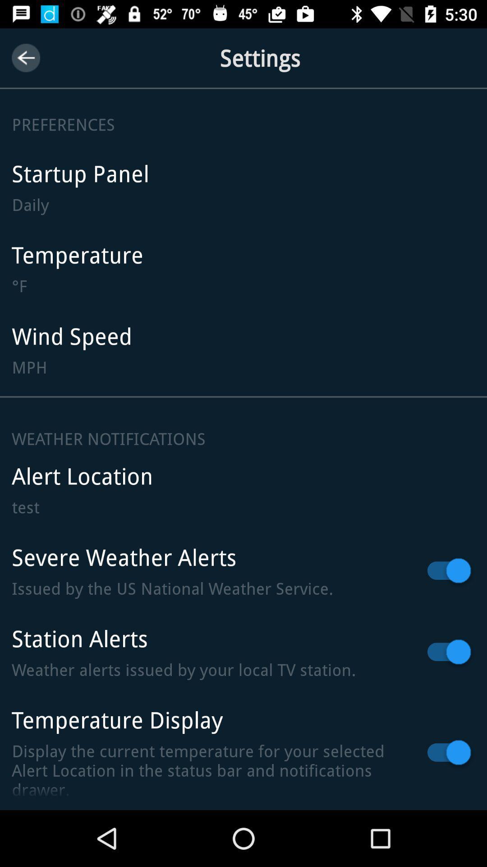  What do you see at coordinates (25, 57) in the screenshot?
I see `the arrow_backward icon` at bounding box center [25, 57].